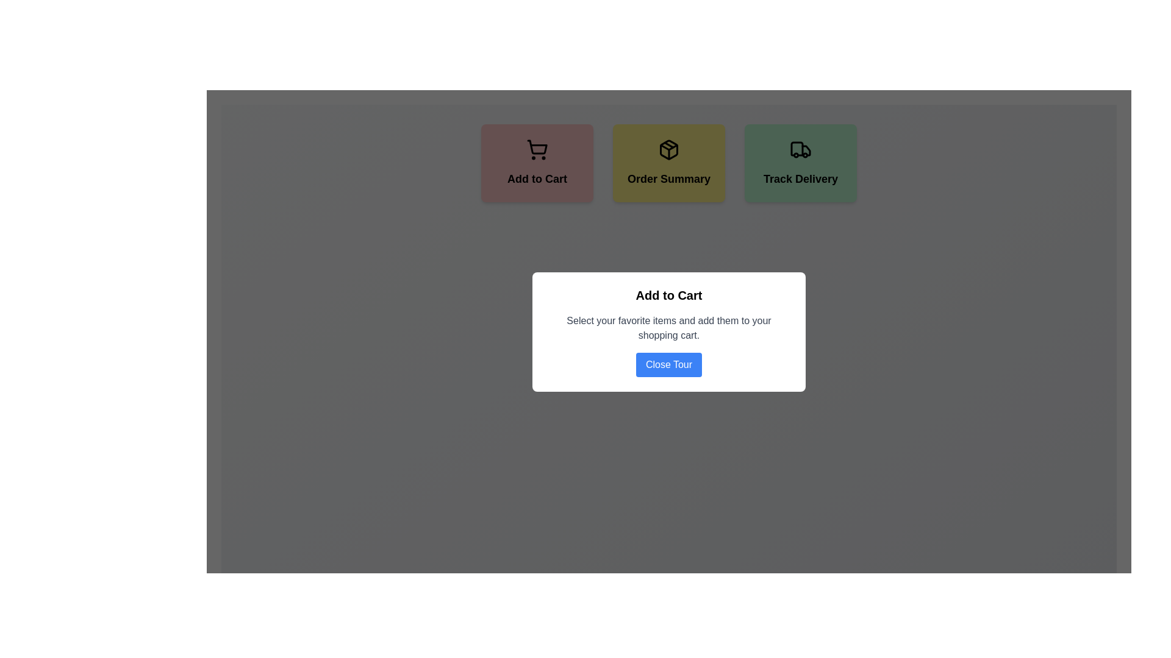 The image size is (1171, 658). What do you see at coordinates (537, 146) in the screenshot?
I see `the shopping cart icon labeled 'Add to Cart', which is located in the top-left corner among three horizontally aligned buttons` at bounding box center [537, 146].